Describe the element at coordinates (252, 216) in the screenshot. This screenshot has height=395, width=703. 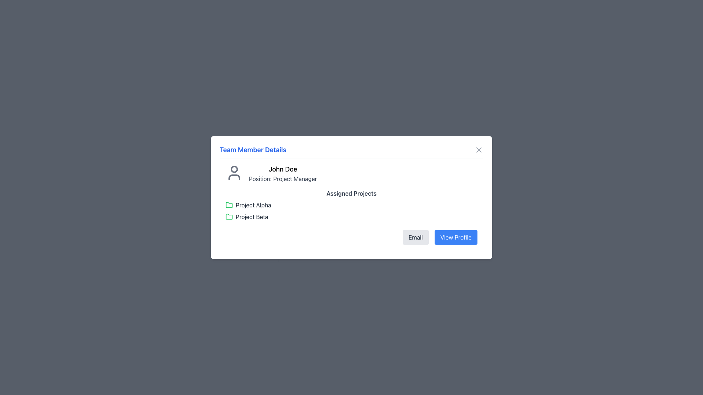
I see `the text label 'Project Beta' in dark gray color` at that location.